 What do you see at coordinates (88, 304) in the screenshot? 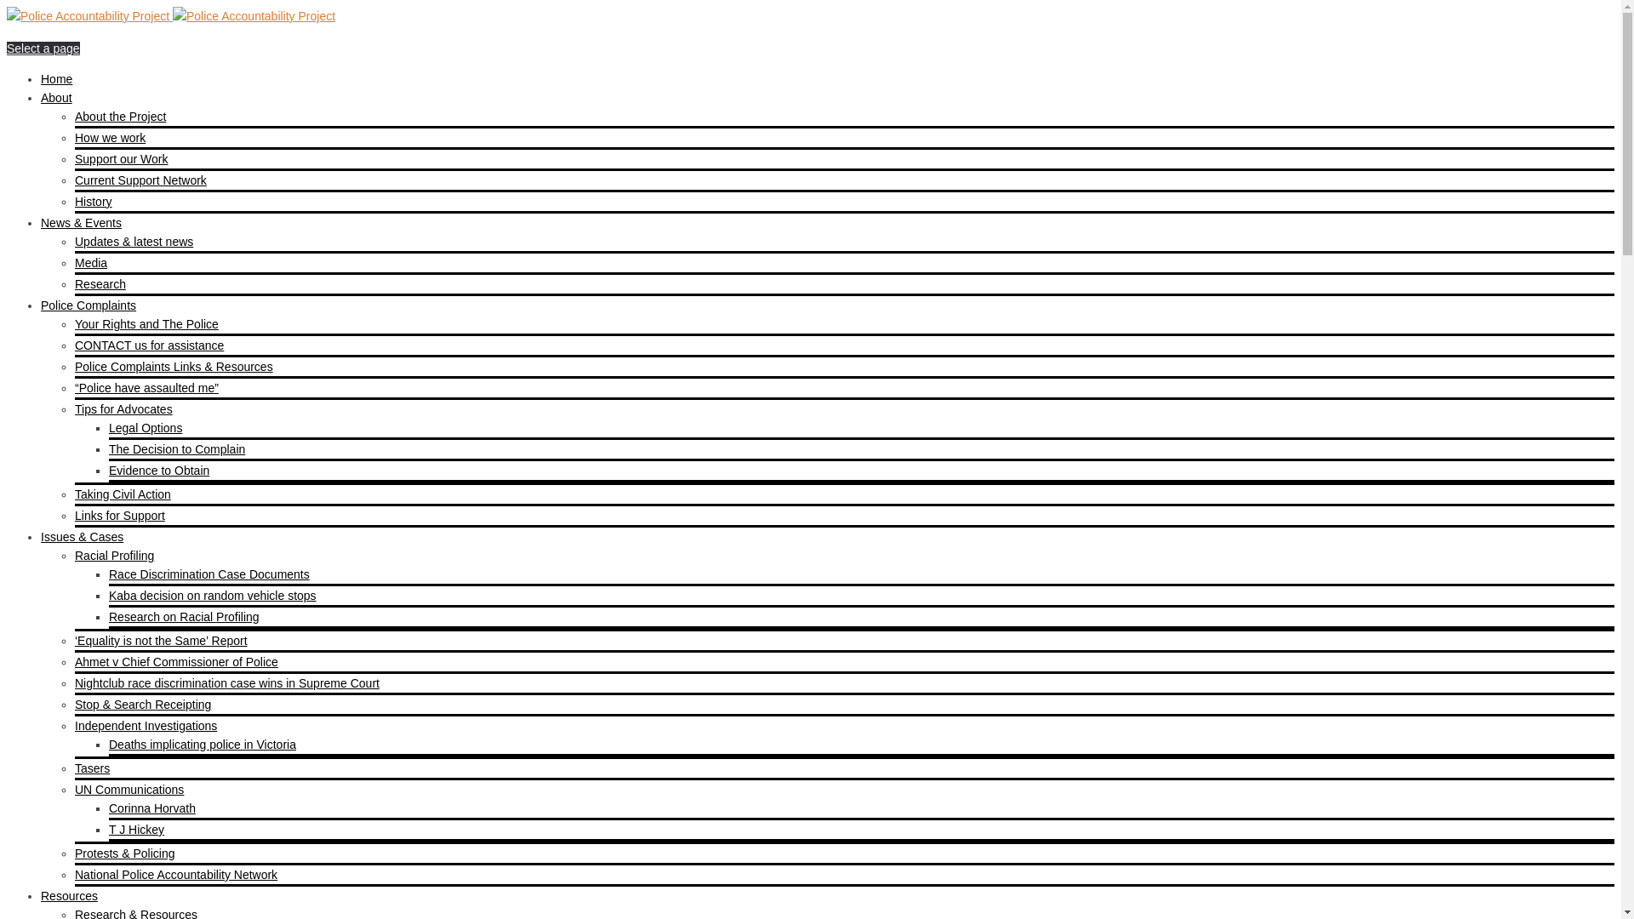
I see `'Police Complaints'` at bounding box center [88, 304].